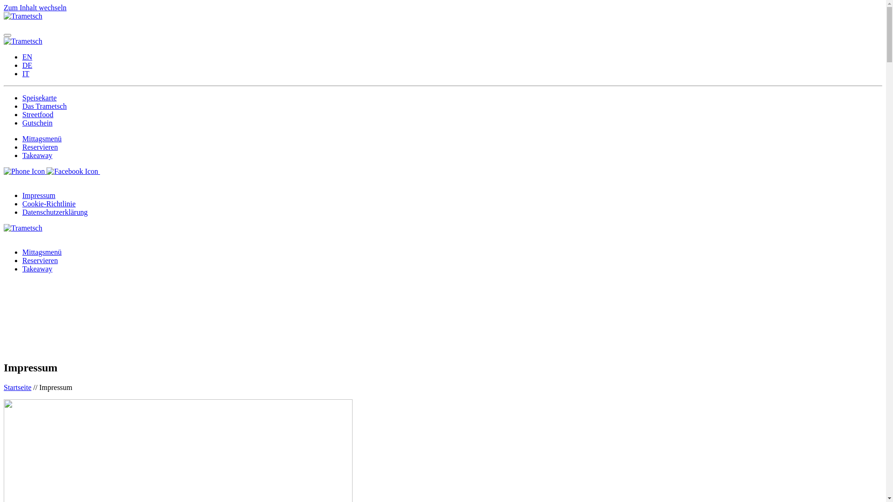  What do you see at coordinates (44, 106) in the screenshot?
I see `'Das Trametsch'` at bounding box center [44, 106].